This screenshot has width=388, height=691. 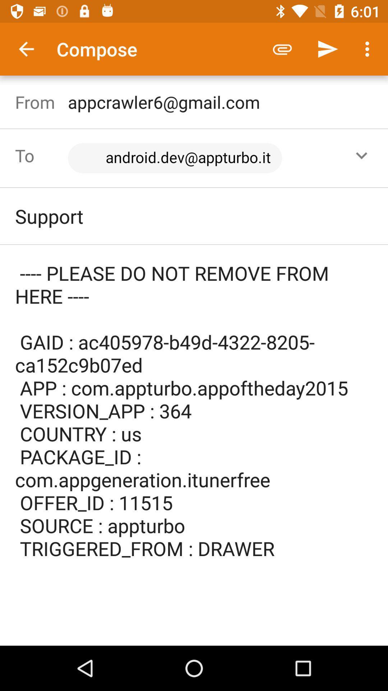 What do you see at coordinates (194, 422) in the screenshot?
I see `the please do not item` at bounding box center [194, 422].